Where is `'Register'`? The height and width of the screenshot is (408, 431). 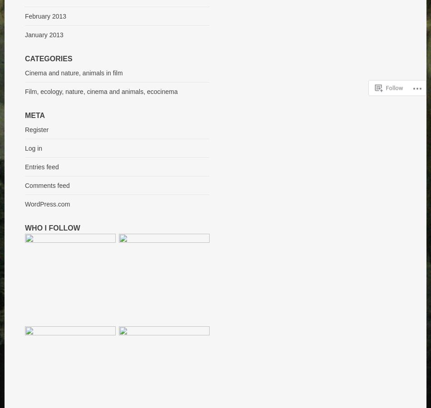
'Register' is located at coordinates (37, 129).